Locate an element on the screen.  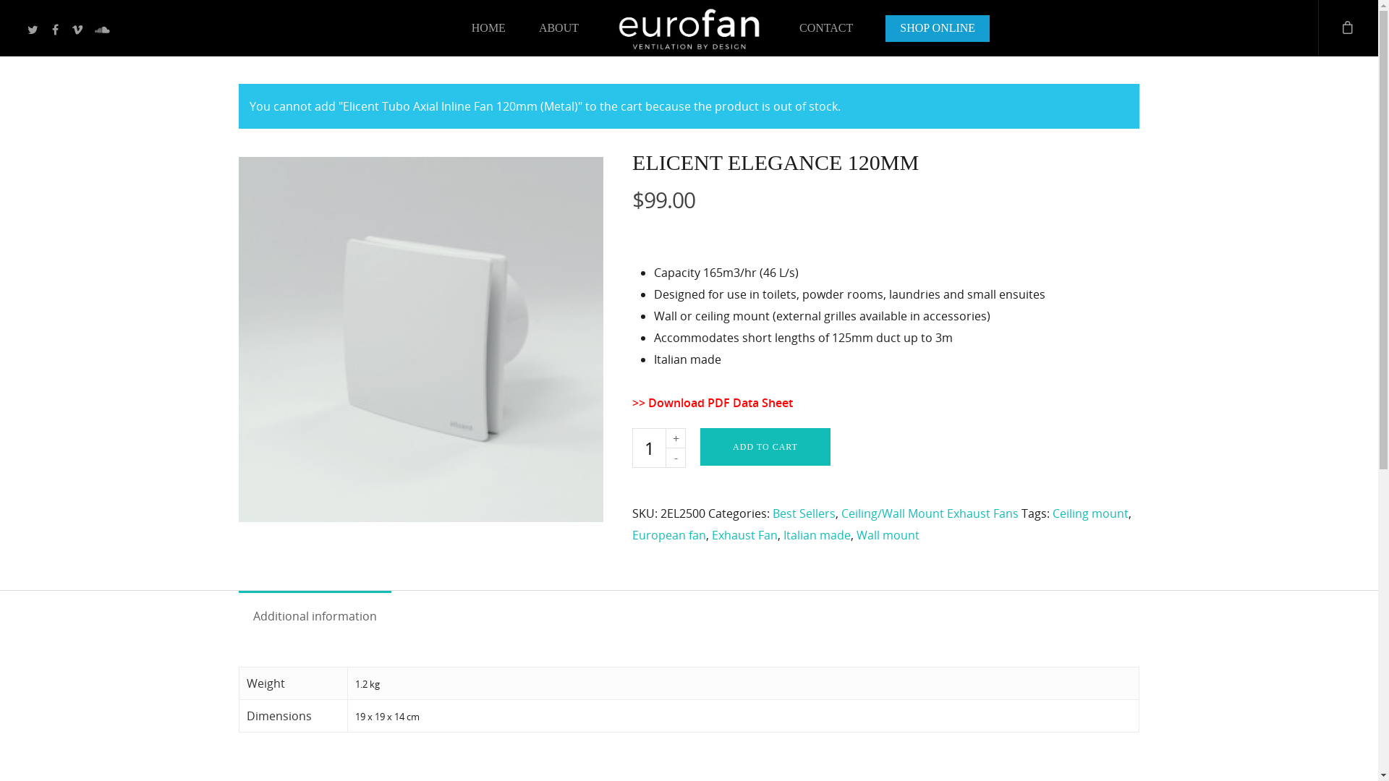
'>> Download PDF Data Sheet' is located at coordinates (712, 402).